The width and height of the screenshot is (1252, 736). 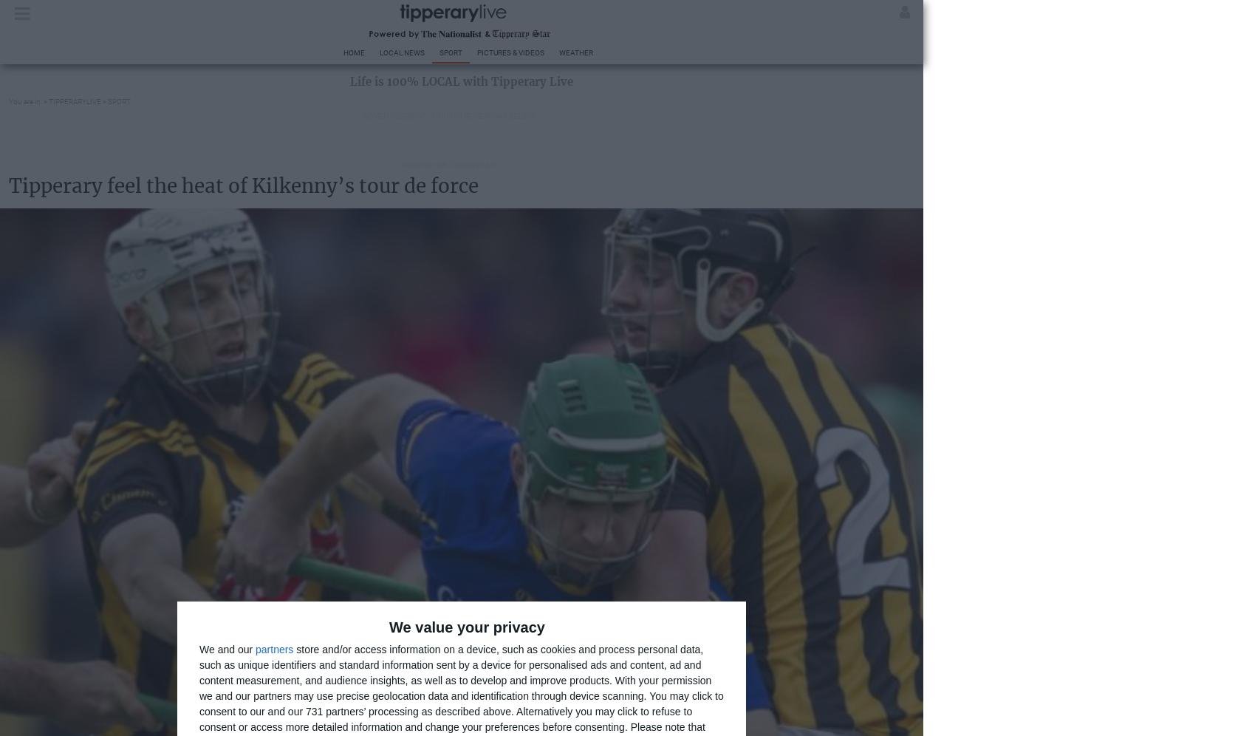 I want to click on 'Local News', so click(x=402, y=52).